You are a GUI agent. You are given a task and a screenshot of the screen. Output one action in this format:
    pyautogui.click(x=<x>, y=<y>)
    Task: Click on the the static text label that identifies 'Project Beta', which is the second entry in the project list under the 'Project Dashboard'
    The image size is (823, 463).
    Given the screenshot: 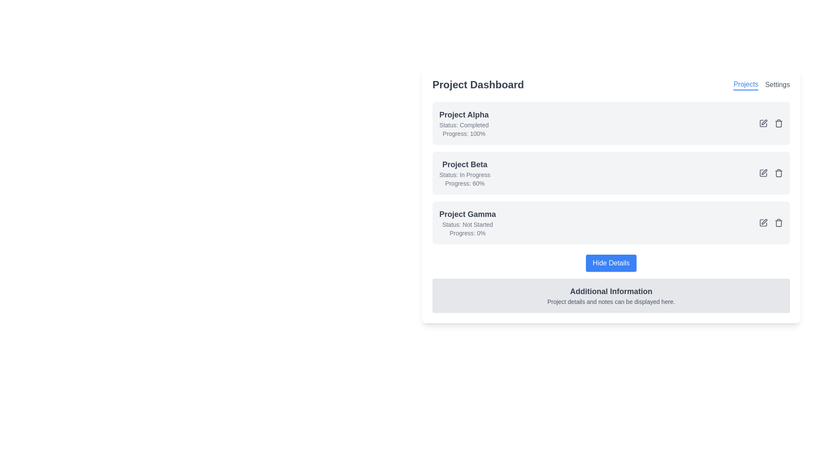 What is the action you would take?
    pyautogui.click(x=464, y=165)
    